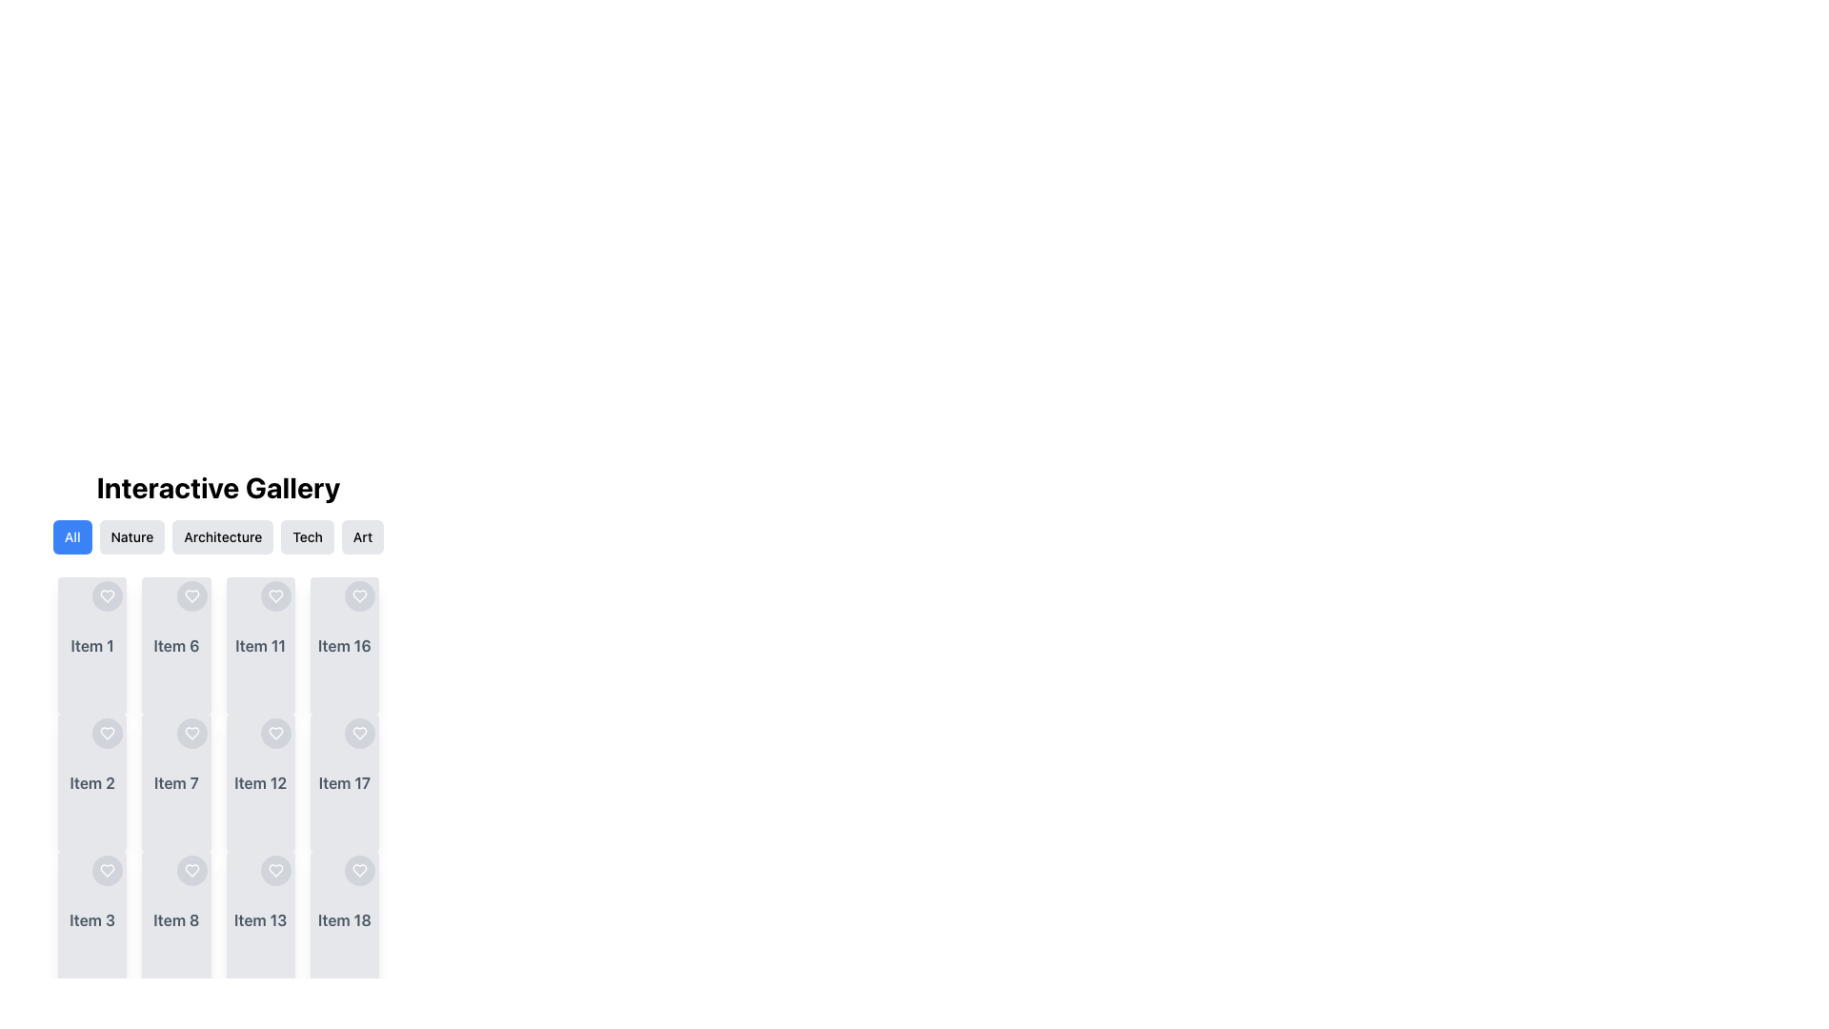 The image size is (1829, 1029). What do you see at coordinates (344, 645) in the screenshot?
I see `the static text label reading 'Item 16' which is styled with a gray semi-bold font and located within a light gray rectangular card in the fourth column of a five-column grid layout` at bounding box center [344, 645].